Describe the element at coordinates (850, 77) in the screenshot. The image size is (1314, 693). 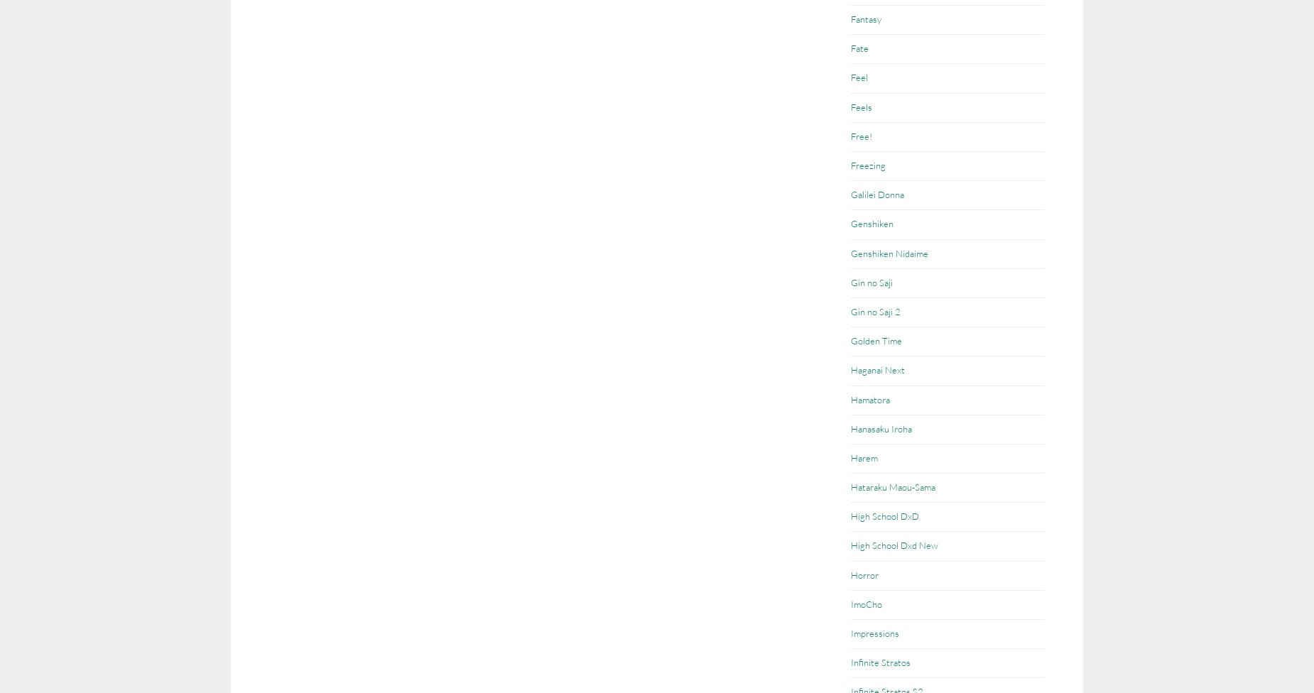
I see `'Feel'` at that location.